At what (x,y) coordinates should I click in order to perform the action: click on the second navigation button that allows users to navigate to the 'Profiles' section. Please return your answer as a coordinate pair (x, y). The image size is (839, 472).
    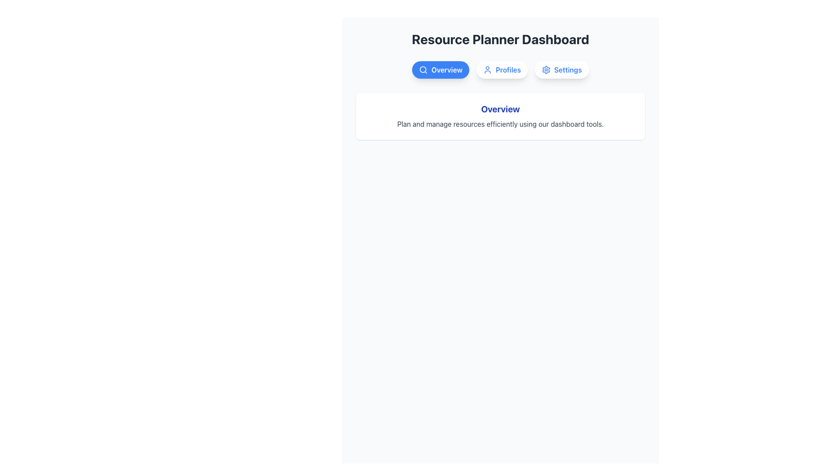
    Looking at the image, I should click on (500, 69).